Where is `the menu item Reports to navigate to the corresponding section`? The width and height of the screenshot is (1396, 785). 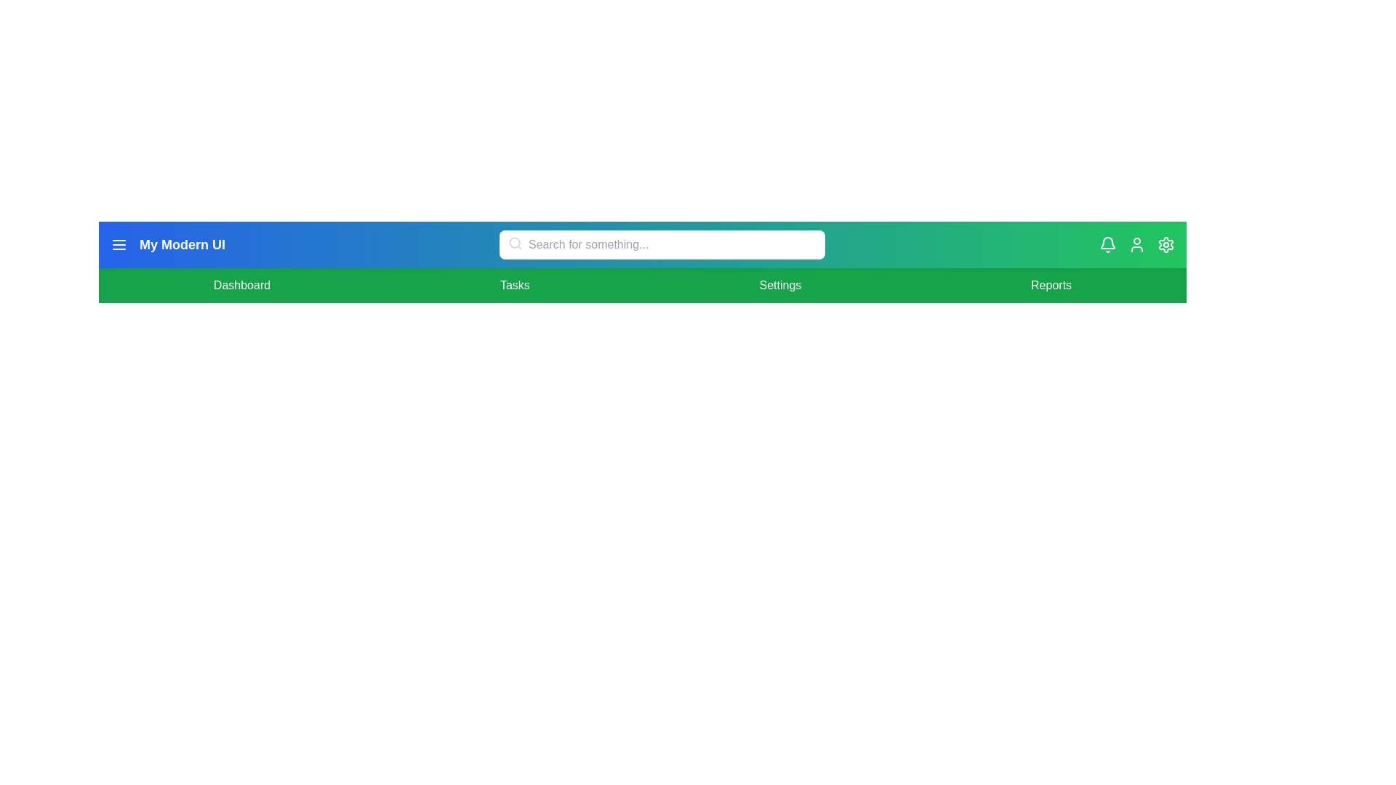 the menu item Reports to navigate to the corresponding section is located at coordinates (1051, 286).